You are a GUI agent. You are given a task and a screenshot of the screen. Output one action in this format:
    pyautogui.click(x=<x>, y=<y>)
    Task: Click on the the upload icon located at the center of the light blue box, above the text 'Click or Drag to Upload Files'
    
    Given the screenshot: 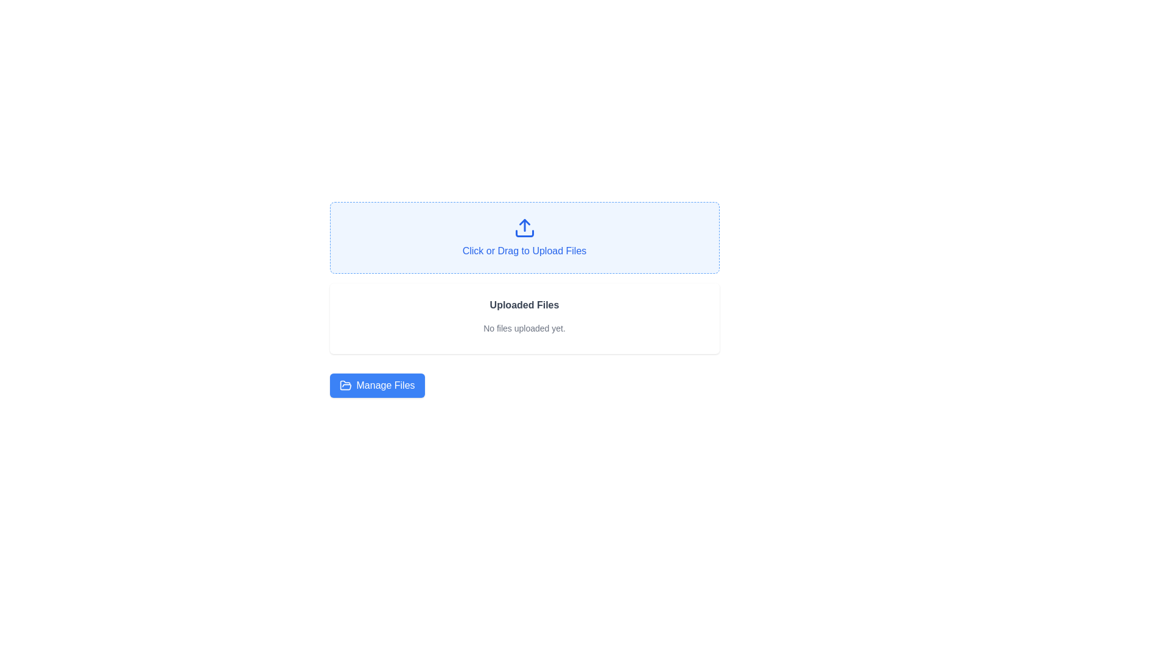 What is the action you would take?
    pyautogui.click(x=524, y=228)
    